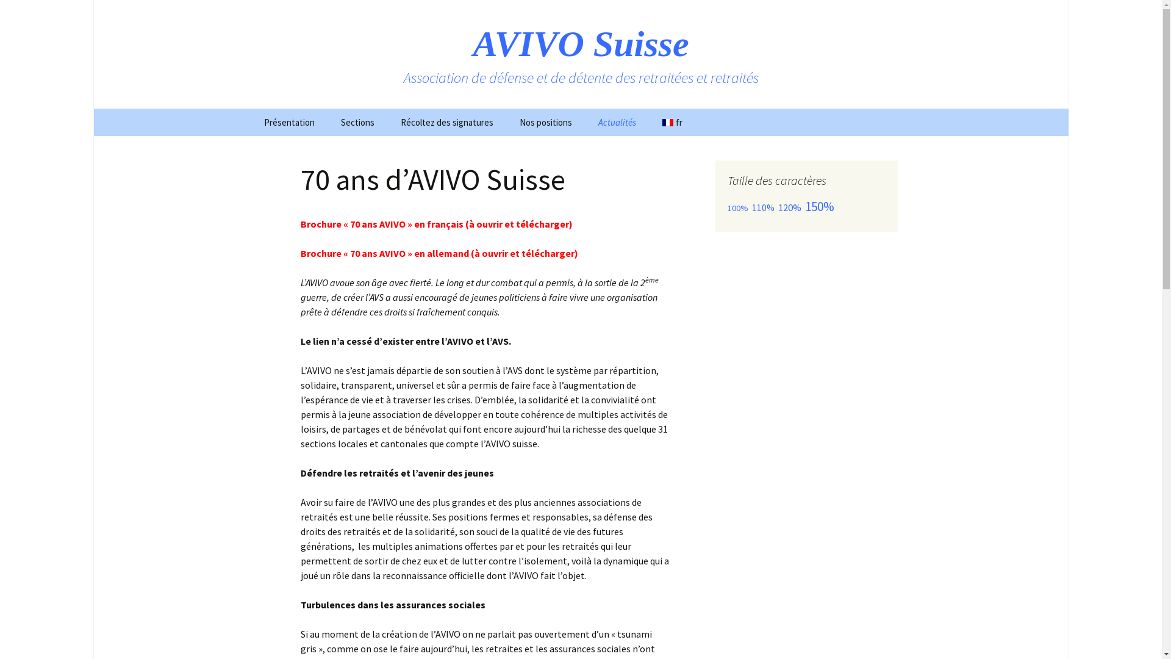  I want to click on 'Sections', so click(356, 122).